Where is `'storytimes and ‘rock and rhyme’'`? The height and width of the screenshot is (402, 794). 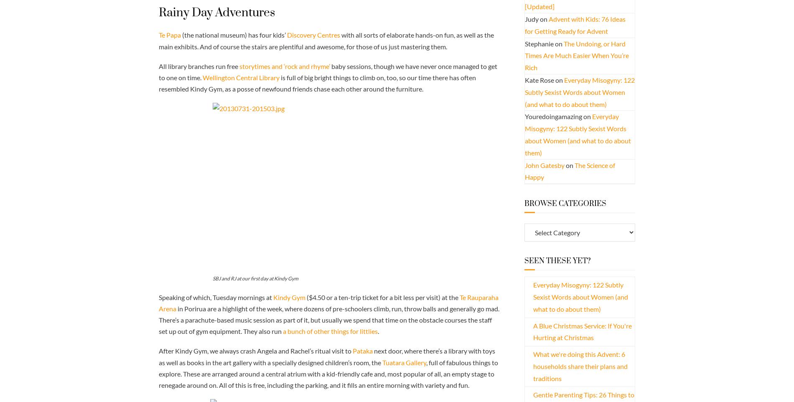 'storytimes and ‘rock and rhyme’' is located at coordinates (285, 66).